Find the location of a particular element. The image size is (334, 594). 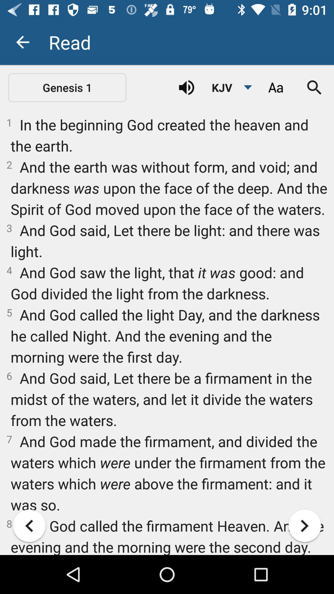

icon to the right of kjv is located at coordinates (275, 87).